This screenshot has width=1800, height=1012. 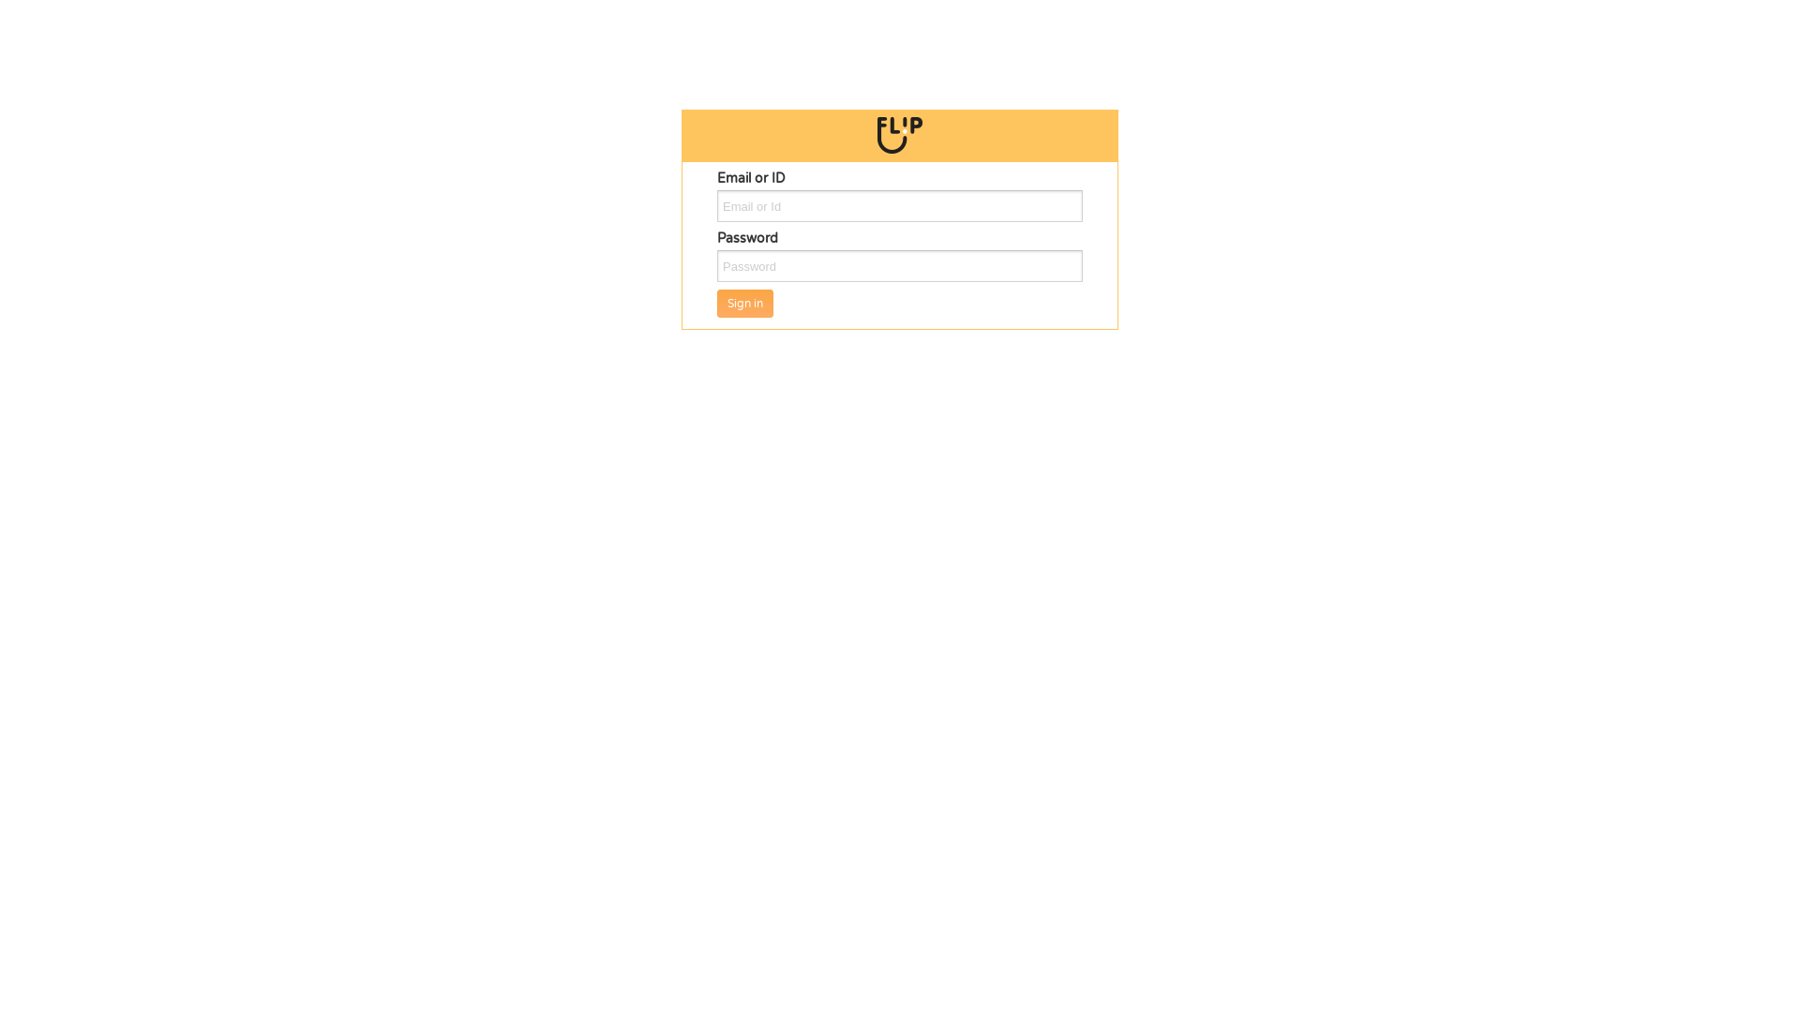 What do you see at coordinates (744, 303) in the screenshot?
I see `'Sign in'` at bounding box center [744, 303].